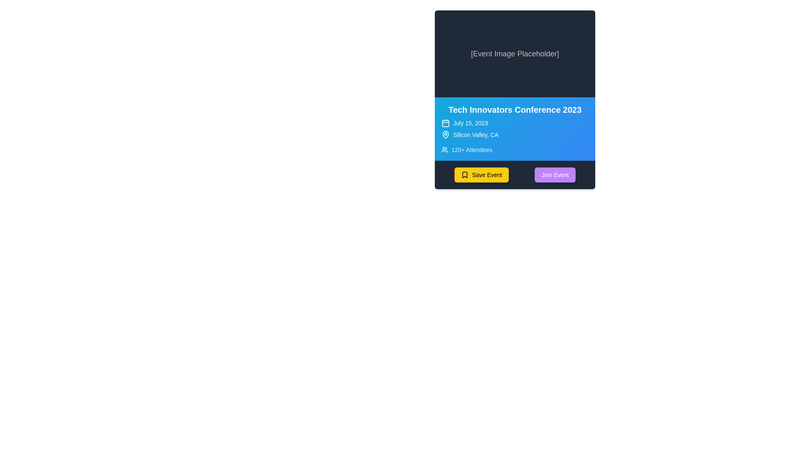  What do you see at coordinates (472, 149) in the screenshot?
I see `the static text element displaying '120+ Attendees', which is styled in cyan and located below the 'Silicon Valley, CA' address line in the blue section of the event card` at bounding box center [472, 149].